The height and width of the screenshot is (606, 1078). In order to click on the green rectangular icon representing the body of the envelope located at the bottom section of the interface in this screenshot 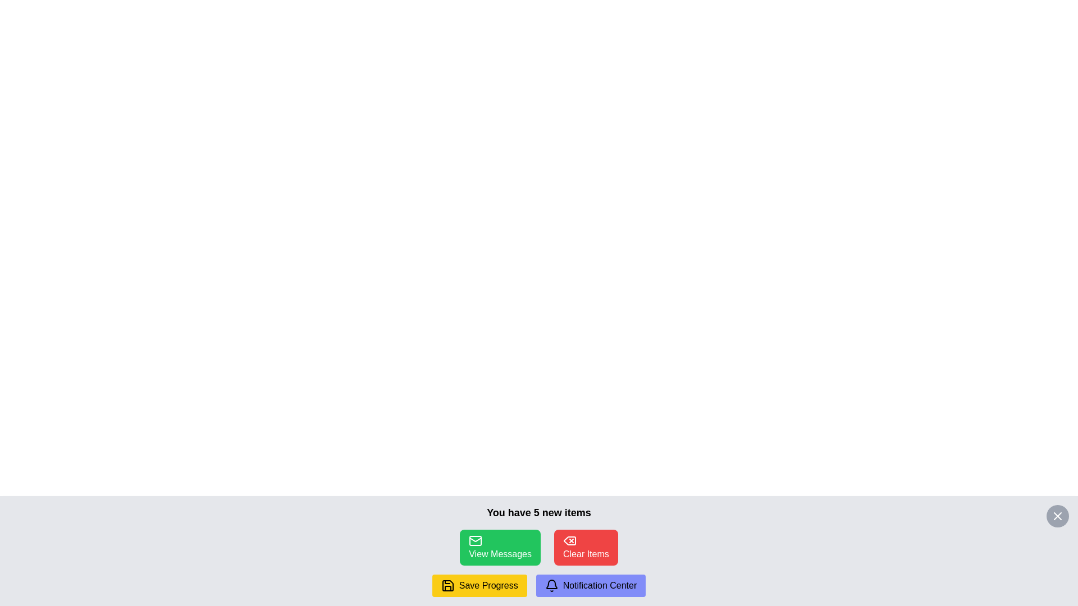, I will do `click(476, 540)`.